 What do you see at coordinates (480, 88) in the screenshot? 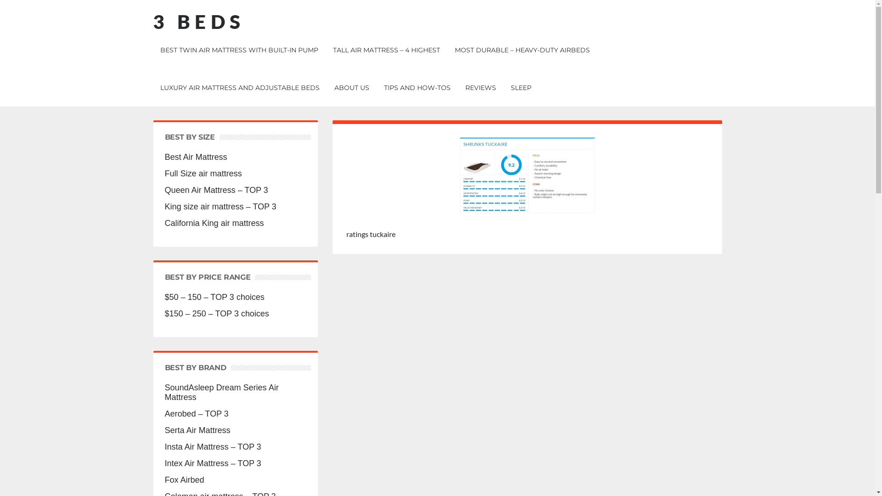
I see `'REVIEWS'` at bounding box center [480, 88].